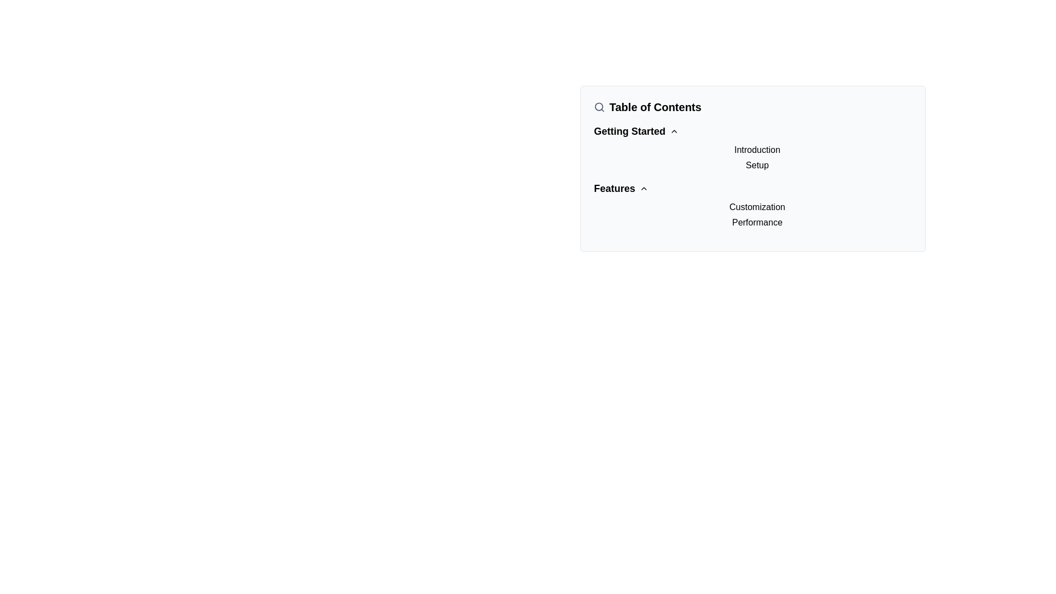  What do you see at coordinates (644, 188) in the screenshot?
I see `the collapse icon located to the right of the 'Features' text in the 'Table of Contents' section` at bounding box center [644, 188].